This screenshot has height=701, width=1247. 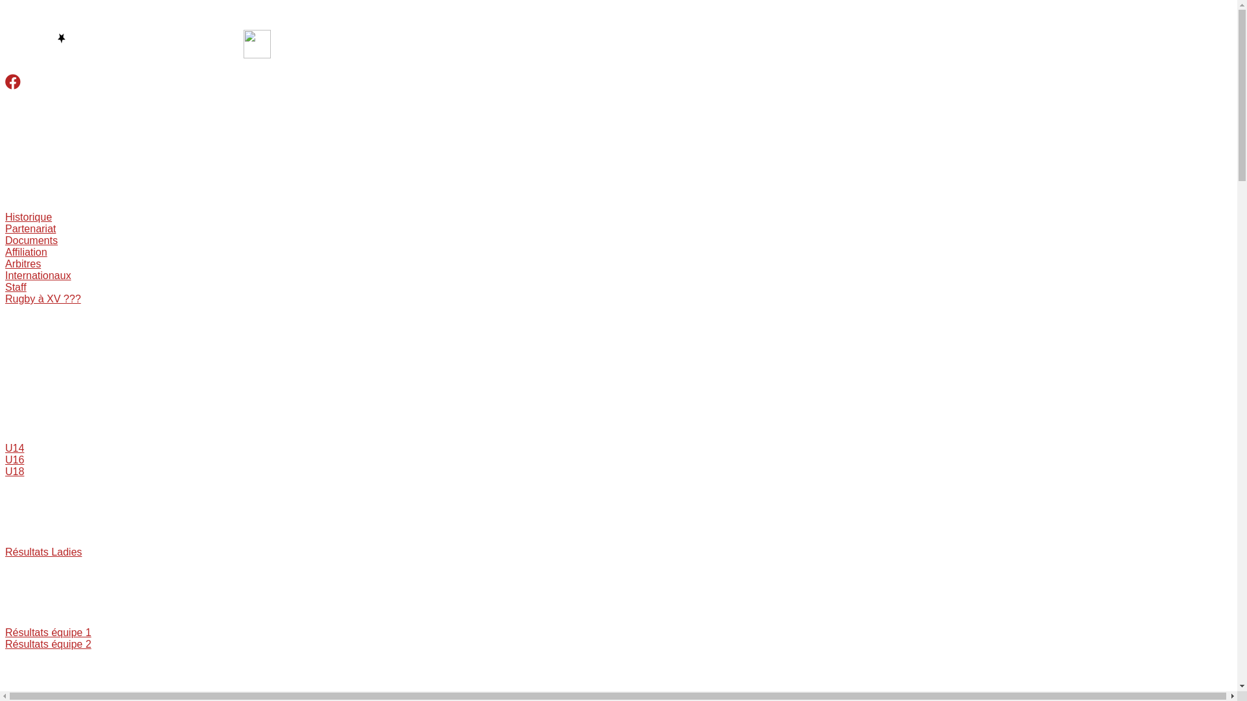 I want to click on 'Partenariat', so click(x=31, y=228).